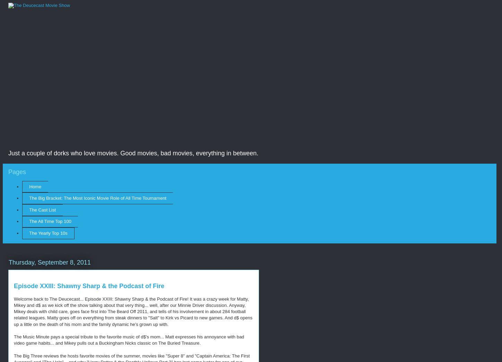 This screenshot has height=362, width=502. Describe the element at coordinates (8, 171) in the screenshot. I see `'Pages'` at that location.